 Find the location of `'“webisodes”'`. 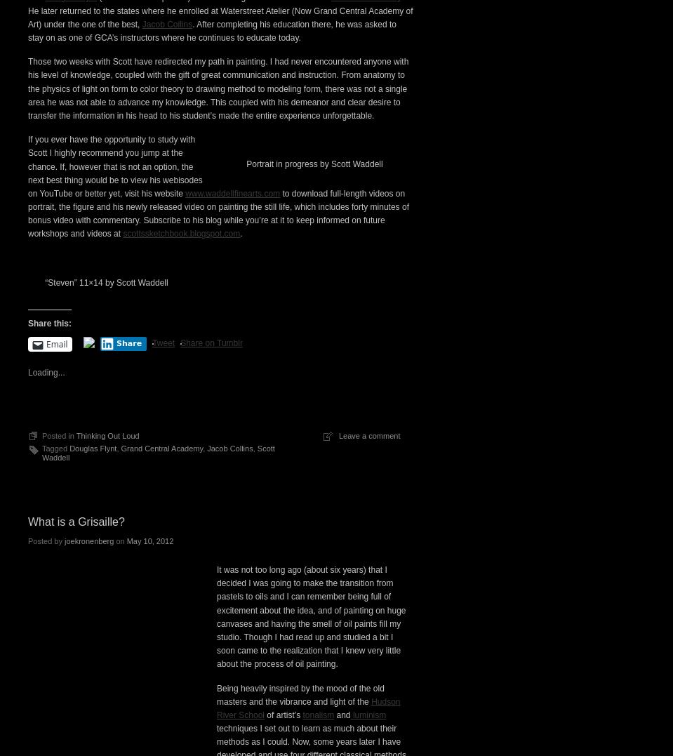

'“webisodes”' is located at coordinates (27, 189).